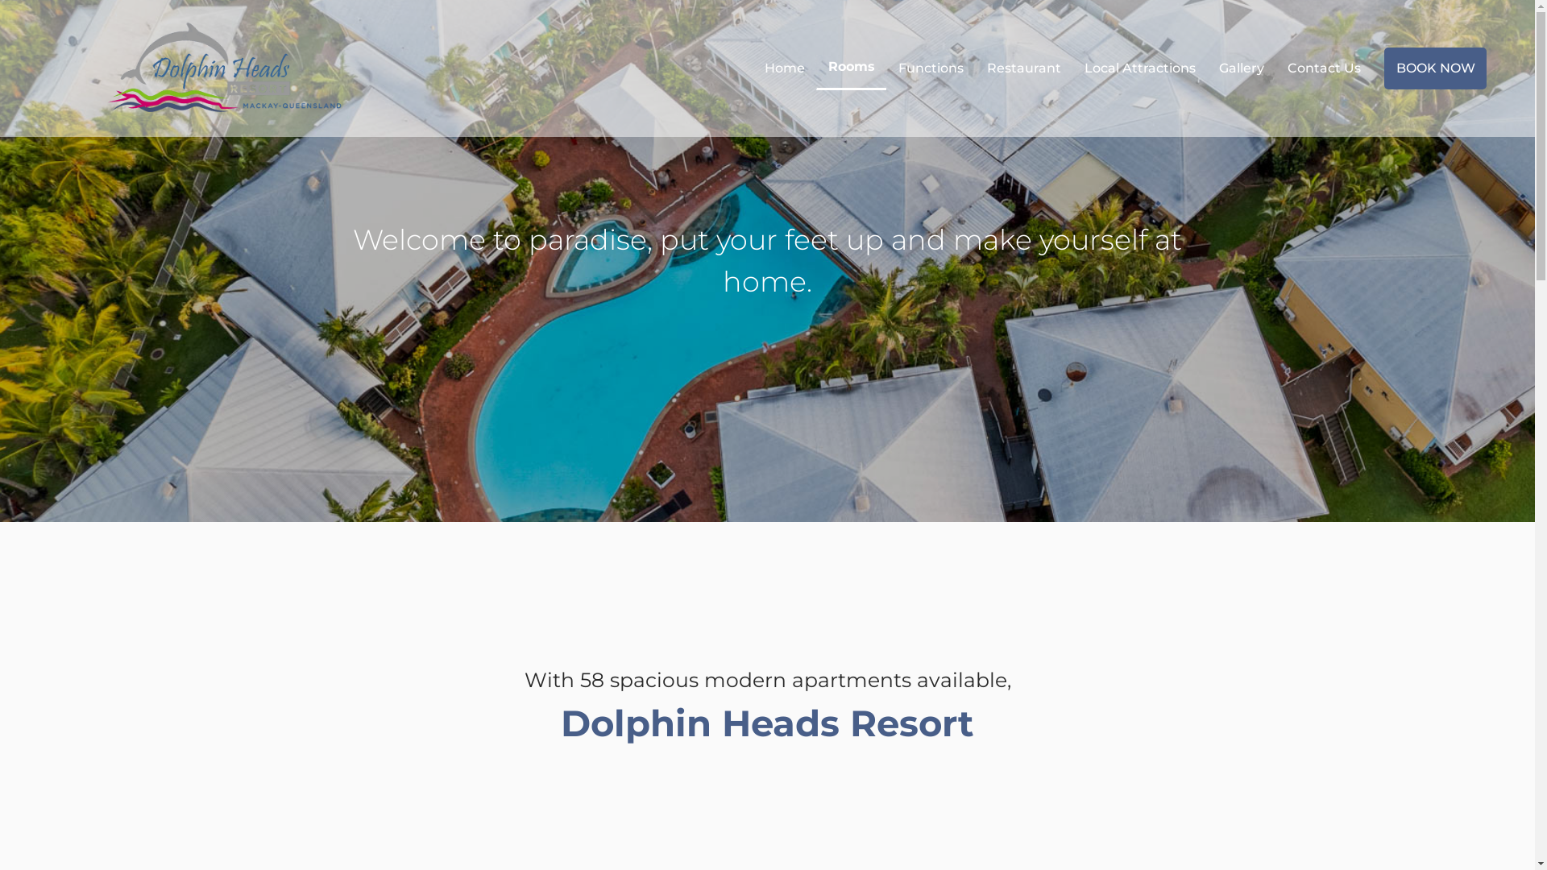 This screenshot has width=1547, height=870. What do you see at coordinates (816, 66) in the screenshot?
I see `'Rooms'` at bounding box center [816, 66].